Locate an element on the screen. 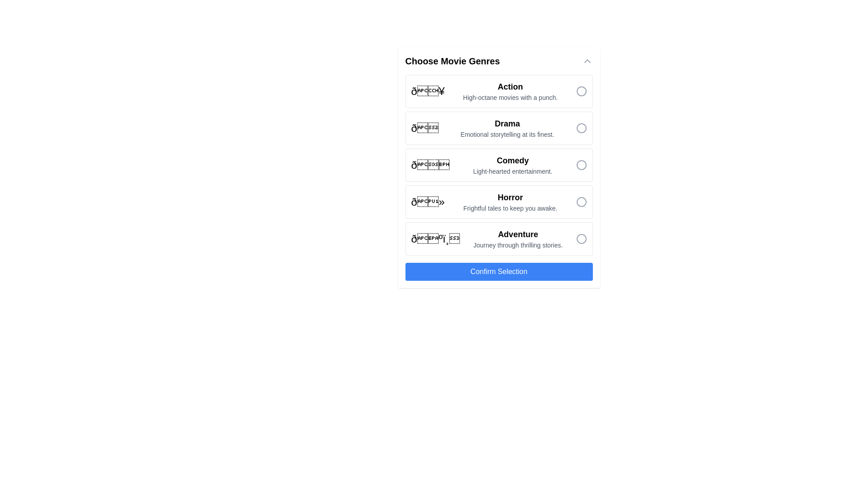  the 'Drama' text display element that presents the genre choice and its characteristics in the movie genre selection interface, located centrally below the 'Action' option and above the 'Comedy' option is located at coordinates (507, 128).